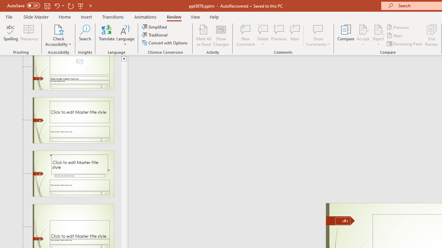 Image resolution: width=442 pixels, height=248 pixels. Describe the element at coordinates (378, 35) in the screenshot. I see `'Reject'` at that location.